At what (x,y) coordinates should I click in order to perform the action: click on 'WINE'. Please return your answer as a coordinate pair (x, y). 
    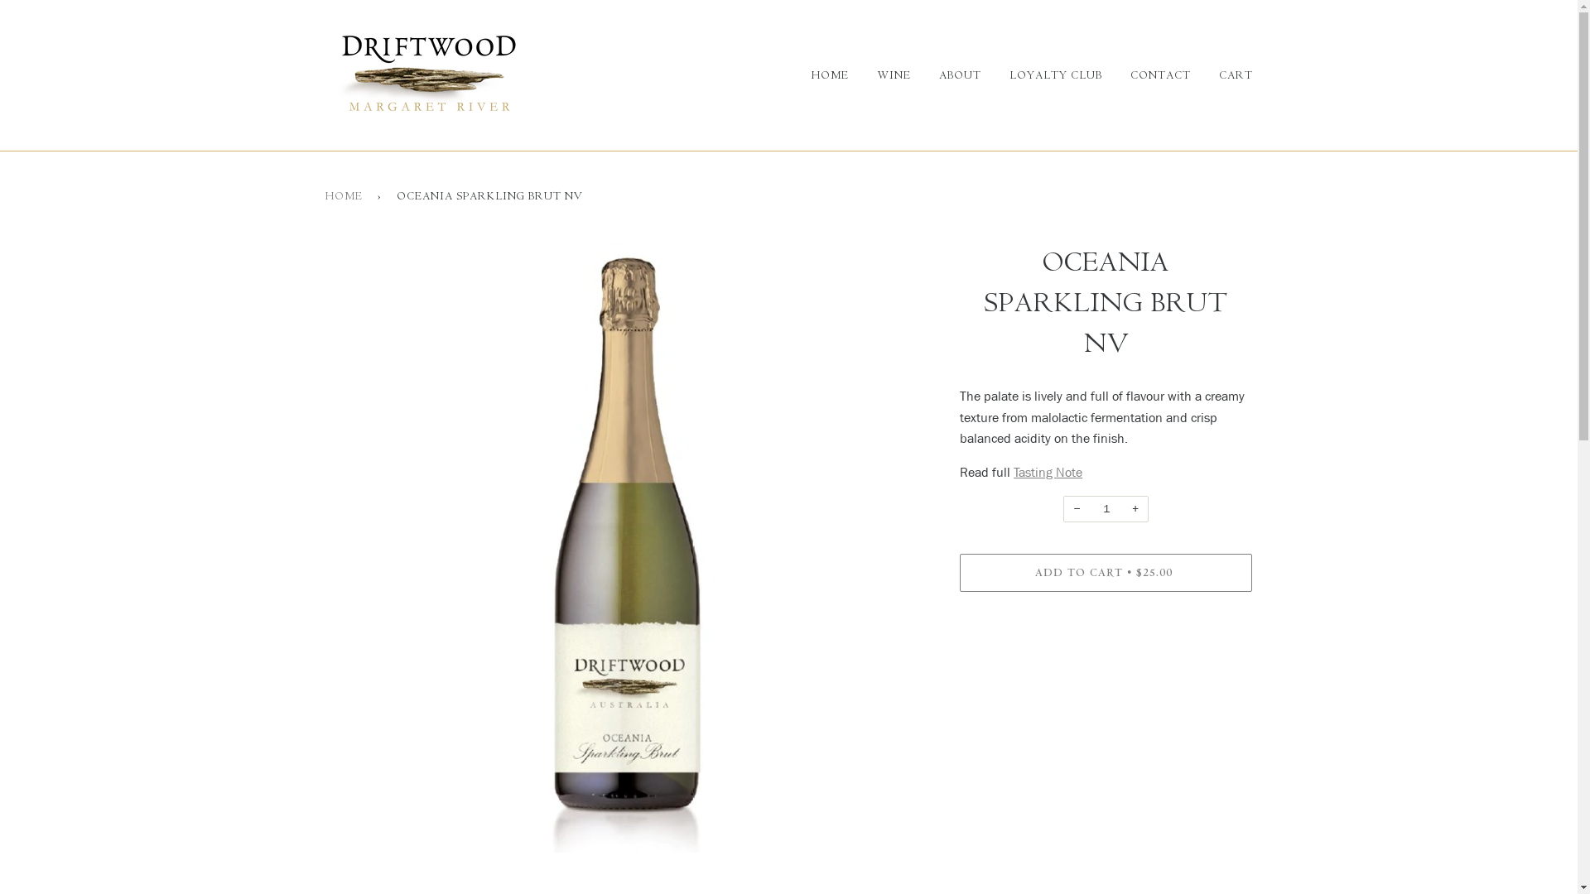
    Looking at the image, I should click on (879, 75).